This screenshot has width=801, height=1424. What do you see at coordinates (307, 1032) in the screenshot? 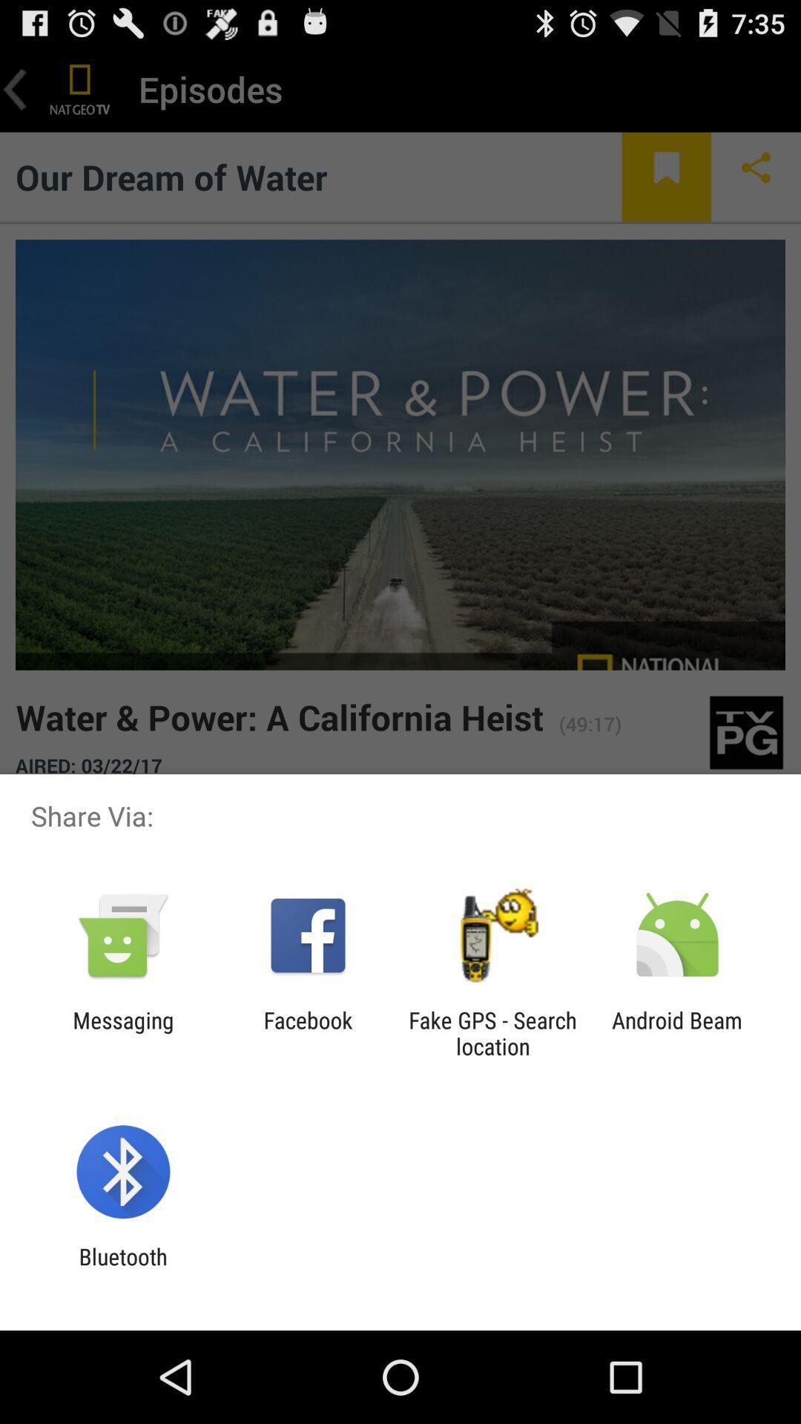
I see `app next to fake gps search item` at bounding box center [307, 1032].